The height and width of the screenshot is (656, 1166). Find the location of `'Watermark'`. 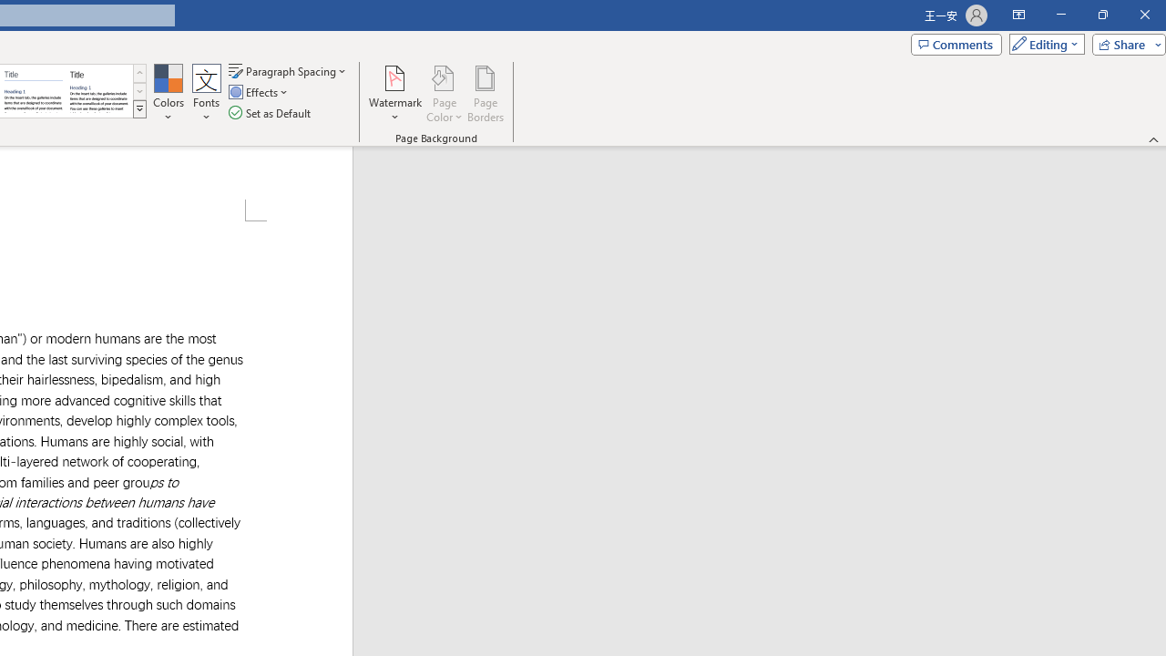

'Watermark' is located at coordinates (394, 94).